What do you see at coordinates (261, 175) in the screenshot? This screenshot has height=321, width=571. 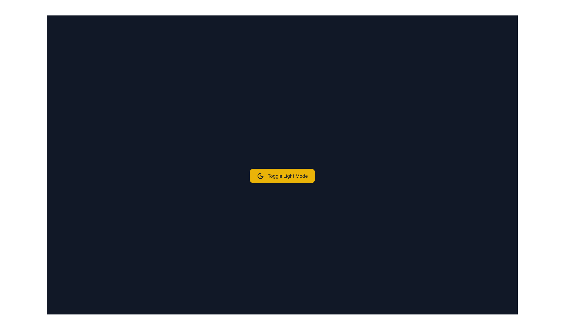 I see `the crescent moon icon within the 'Toggle Light Mode' button, which has a gold fill and black outline` at bounding box center [261, 175].